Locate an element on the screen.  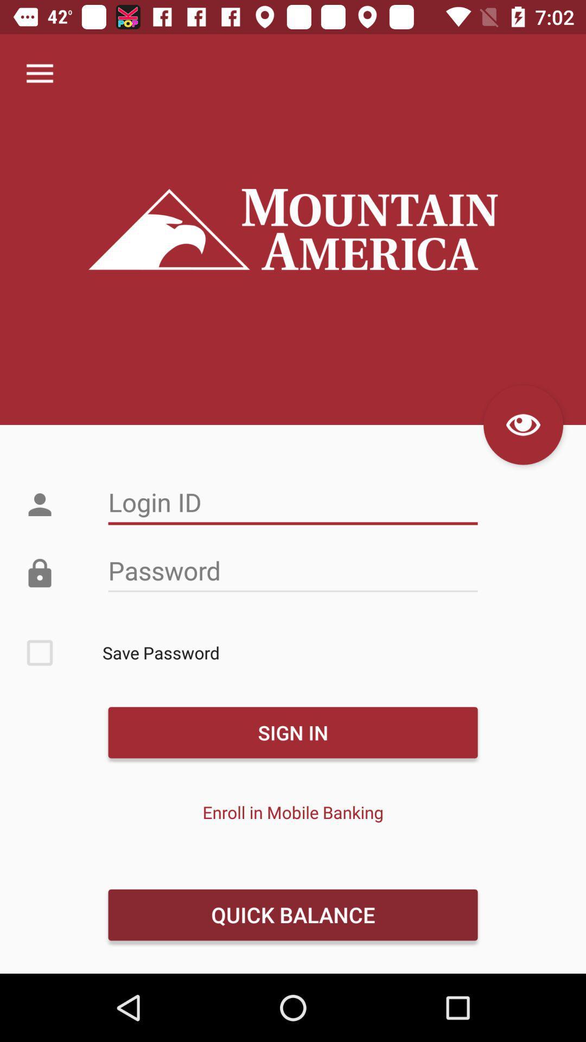
icon below save password icon is located at coordinates (293, 732).